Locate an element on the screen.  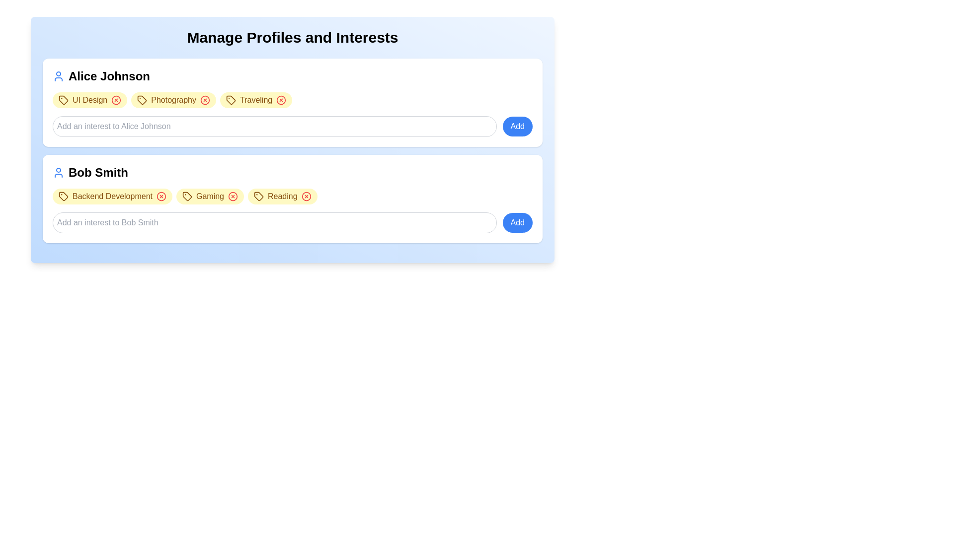
the presence of the tag icon styled with a pointed edge and line drawing style, located in the 'Backend Development' interest tag under the 'Bob Smith' profile section is located at coordinates (63, 197).